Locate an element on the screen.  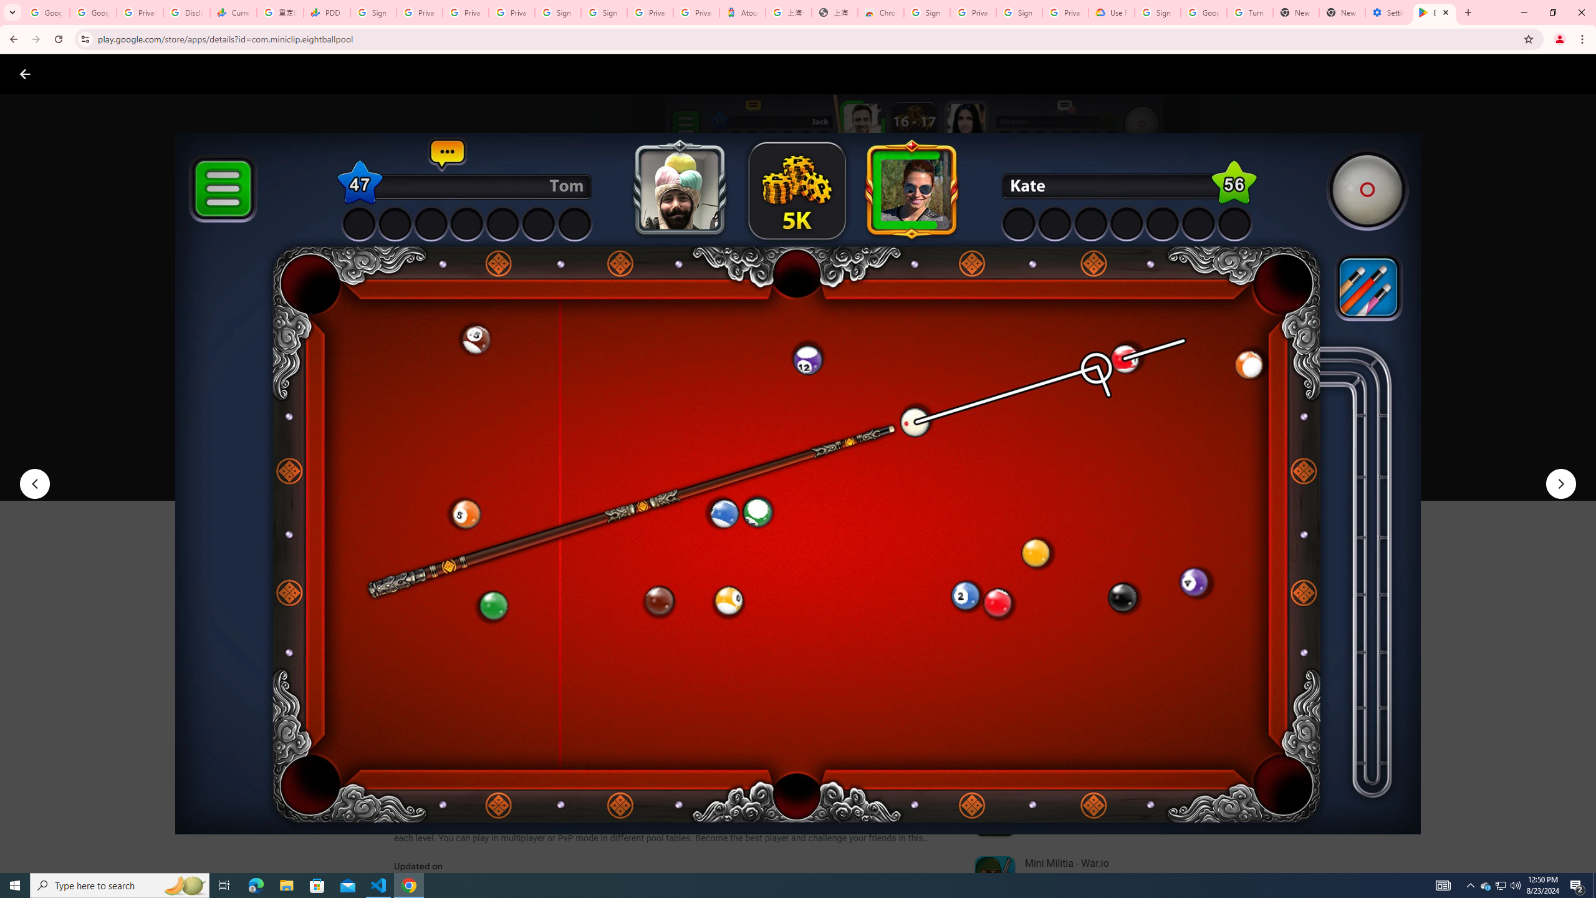
'New Tab' is located at coordinates (1342, 12).